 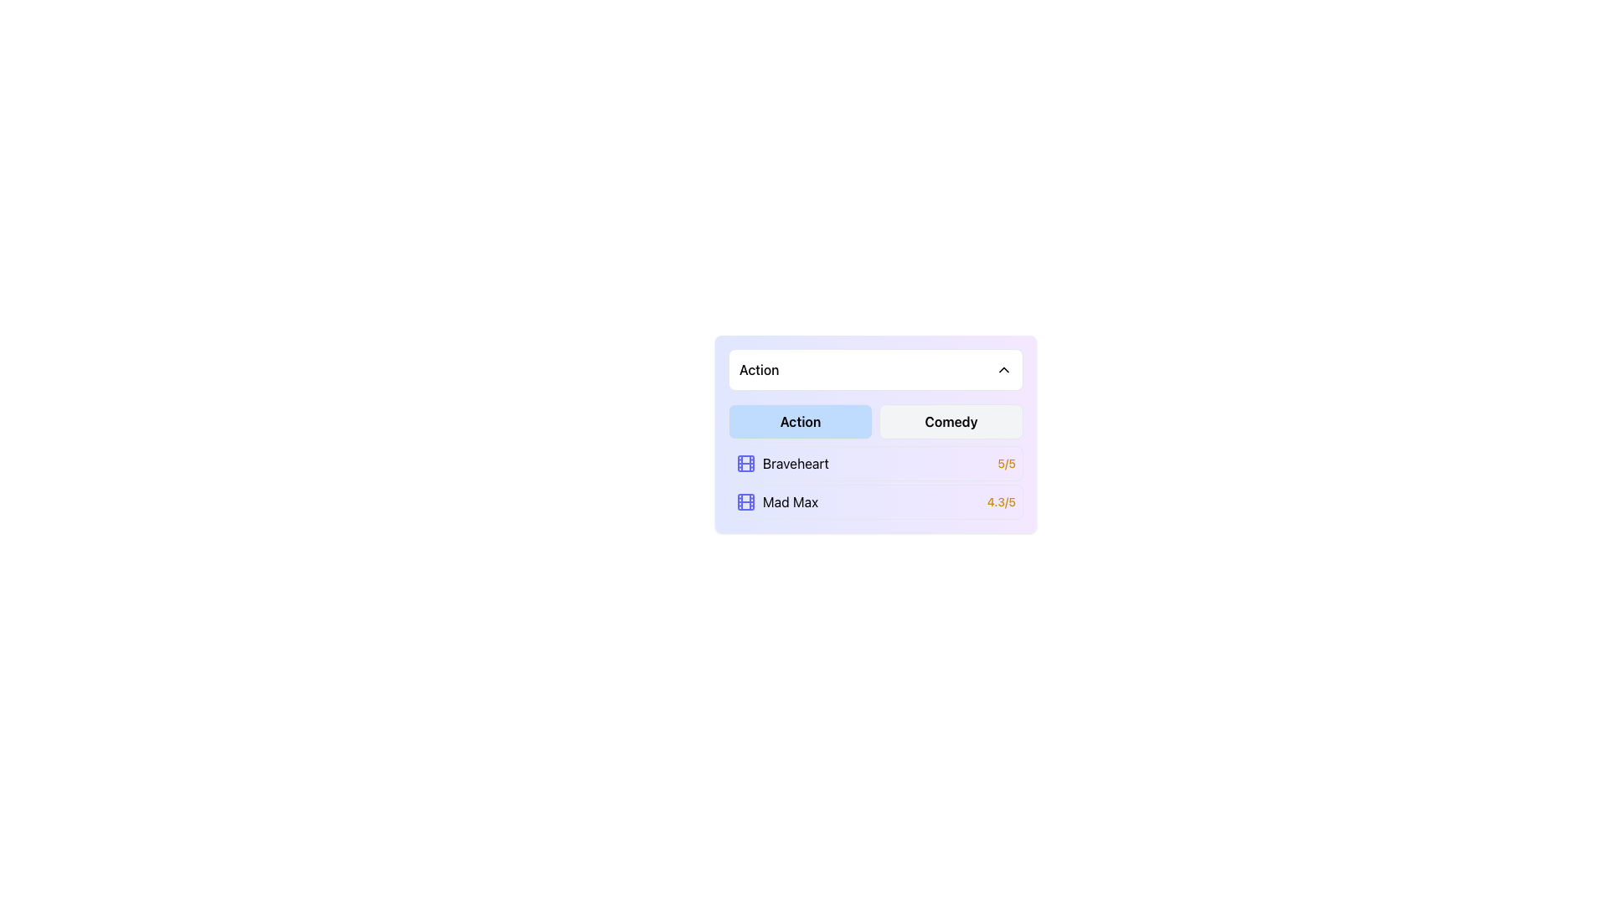 What do you see at coordinates (758, 369) in the screenshot?
I see `the 'Action' label in the dropdown header, which indicates the currently selected category or option` at bounding box center [758, 369].